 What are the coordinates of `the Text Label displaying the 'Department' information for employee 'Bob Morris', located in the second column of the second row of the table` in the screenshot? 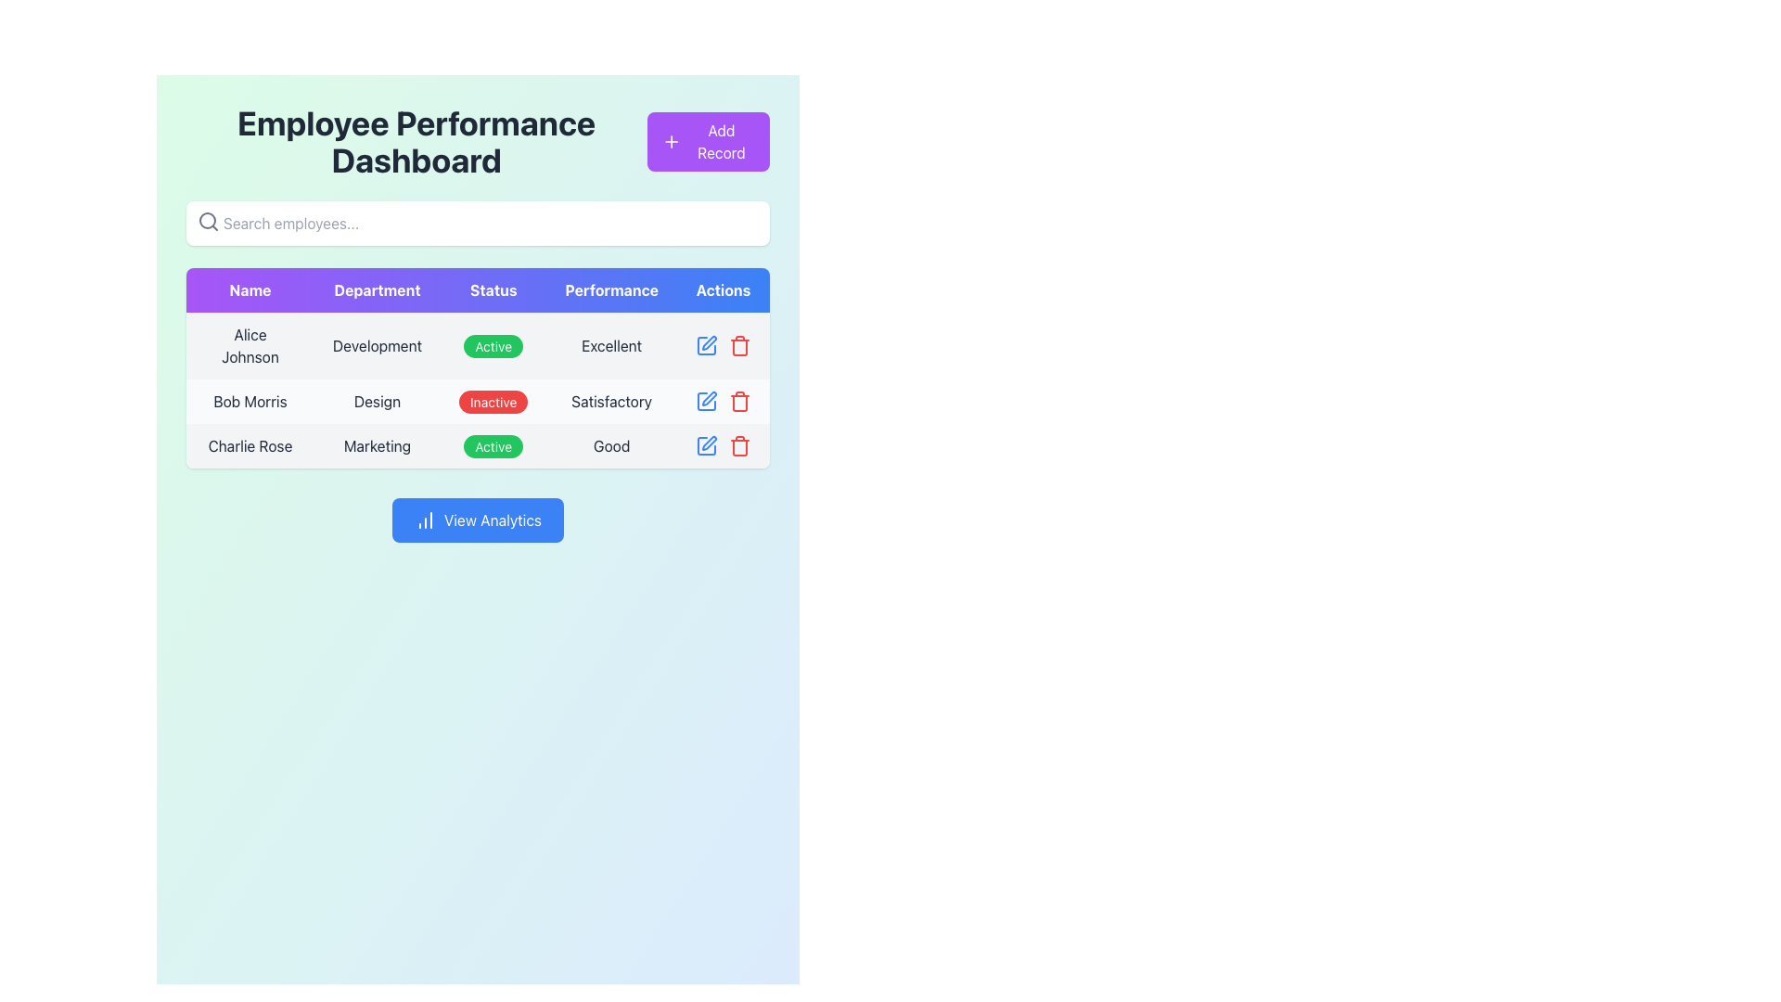 It's located at (377, 400).